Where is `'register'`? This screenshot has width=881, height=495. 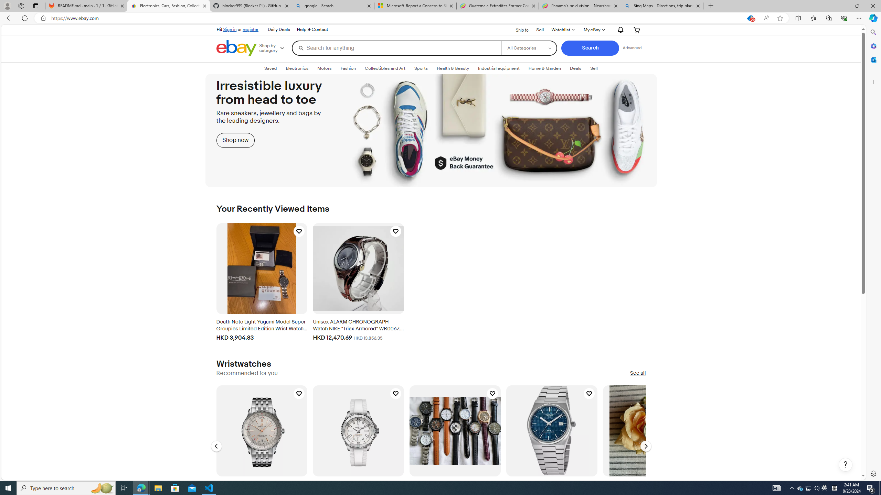
'register' is located at coordinates (250, 29).